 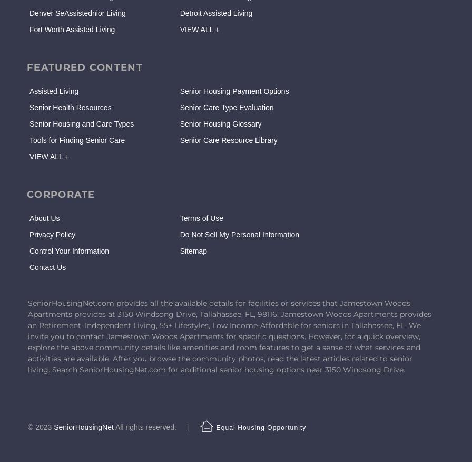 I want to click on 'All rights reserved.', so click(x=145, y=427).